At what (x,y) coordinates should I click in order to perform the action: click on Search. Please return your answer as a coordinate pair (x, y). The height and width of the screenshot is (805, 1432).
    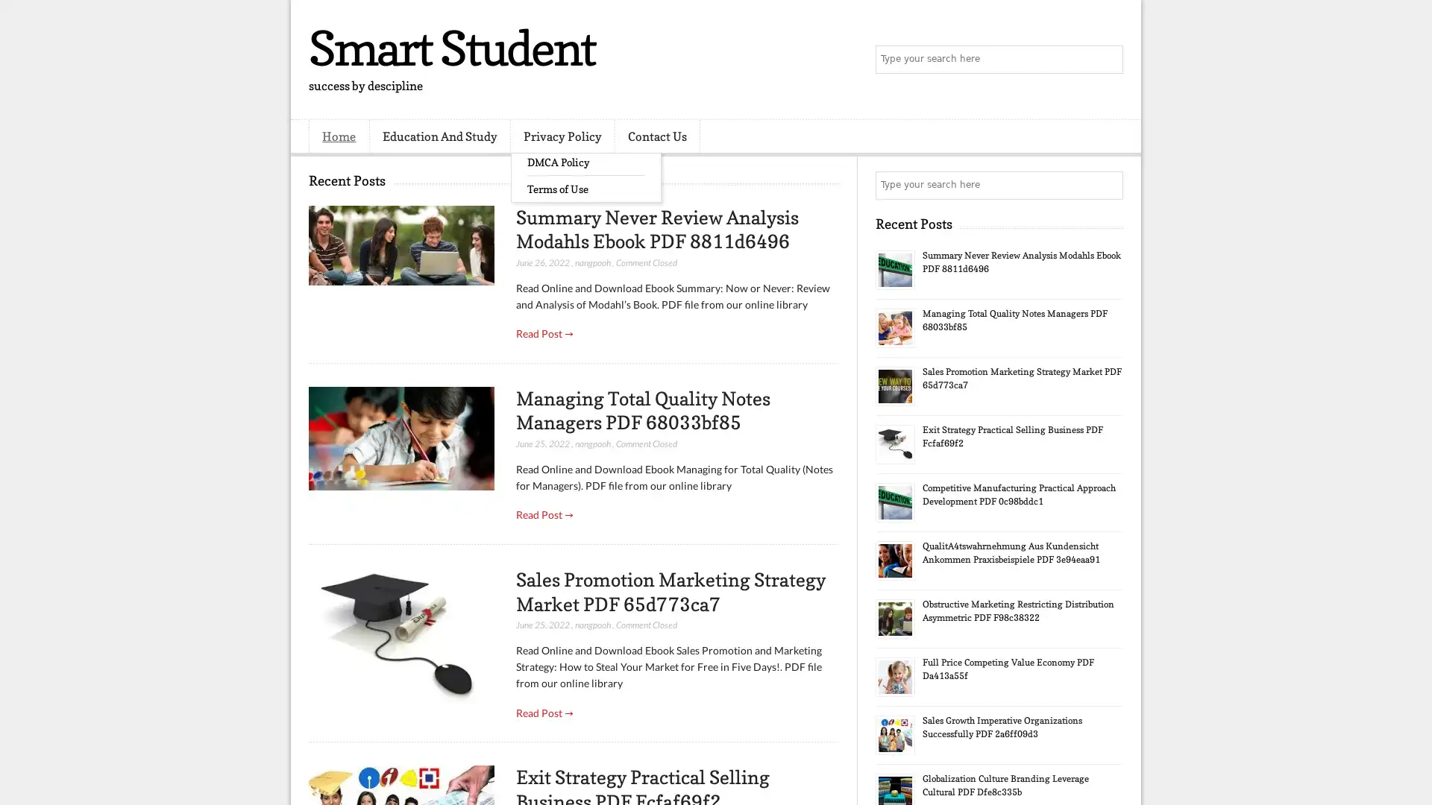
    Looking at the image, I should click on (1108, 185).